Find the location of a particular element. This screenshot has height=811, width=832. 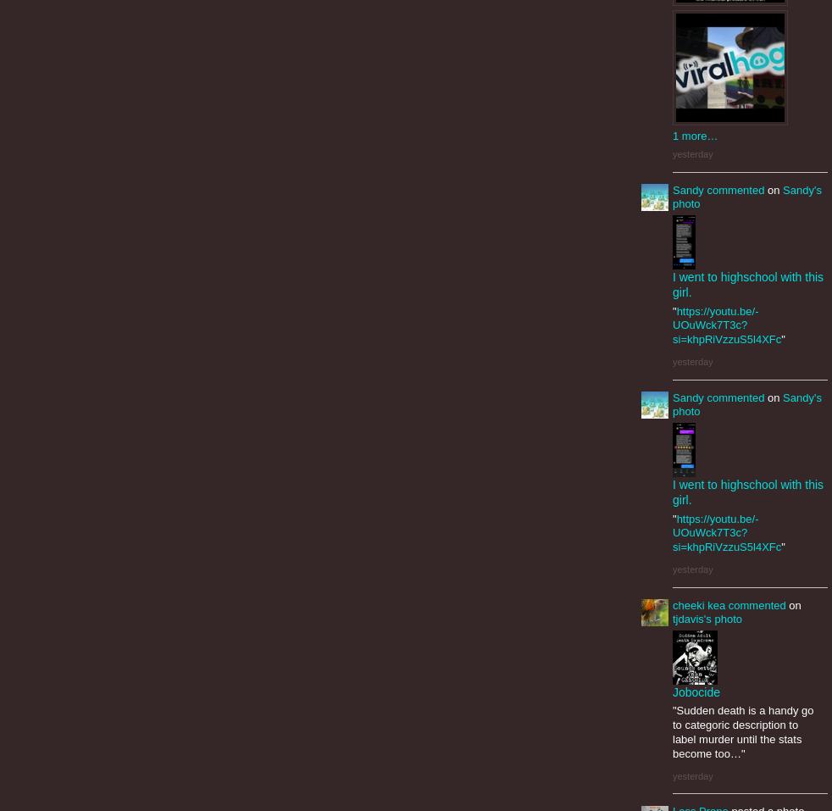

'Jobocide' is located at coordinates (696, 691).